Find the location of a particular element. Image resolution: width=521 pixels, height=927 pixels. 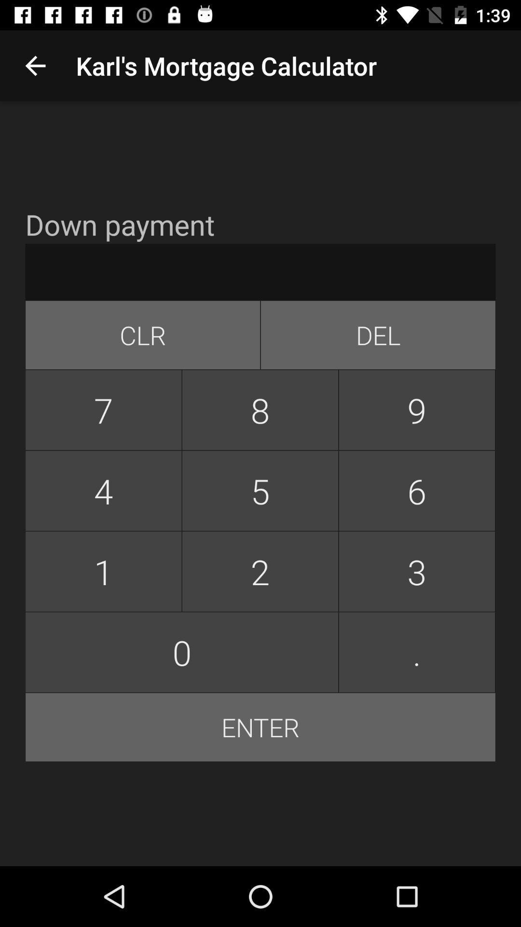

the item below the 0 is located at coordinates (260, 727).